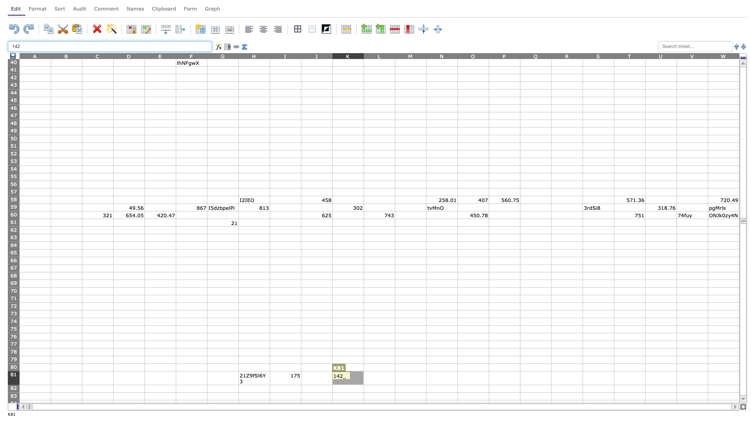  Describe the element at coordinates (395, 377) in the screenshot. I see `right border of L81` at that location.